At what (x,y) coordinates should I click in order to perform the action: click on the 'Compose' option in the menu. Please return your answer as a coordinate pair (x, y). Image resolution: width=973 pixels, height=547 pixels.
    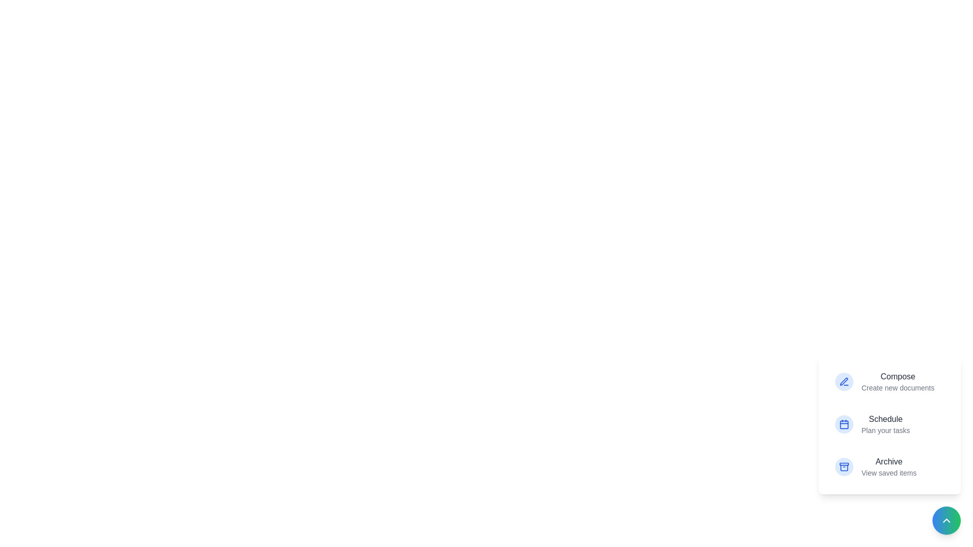
    Looking at the image, I should click on (889, 377).